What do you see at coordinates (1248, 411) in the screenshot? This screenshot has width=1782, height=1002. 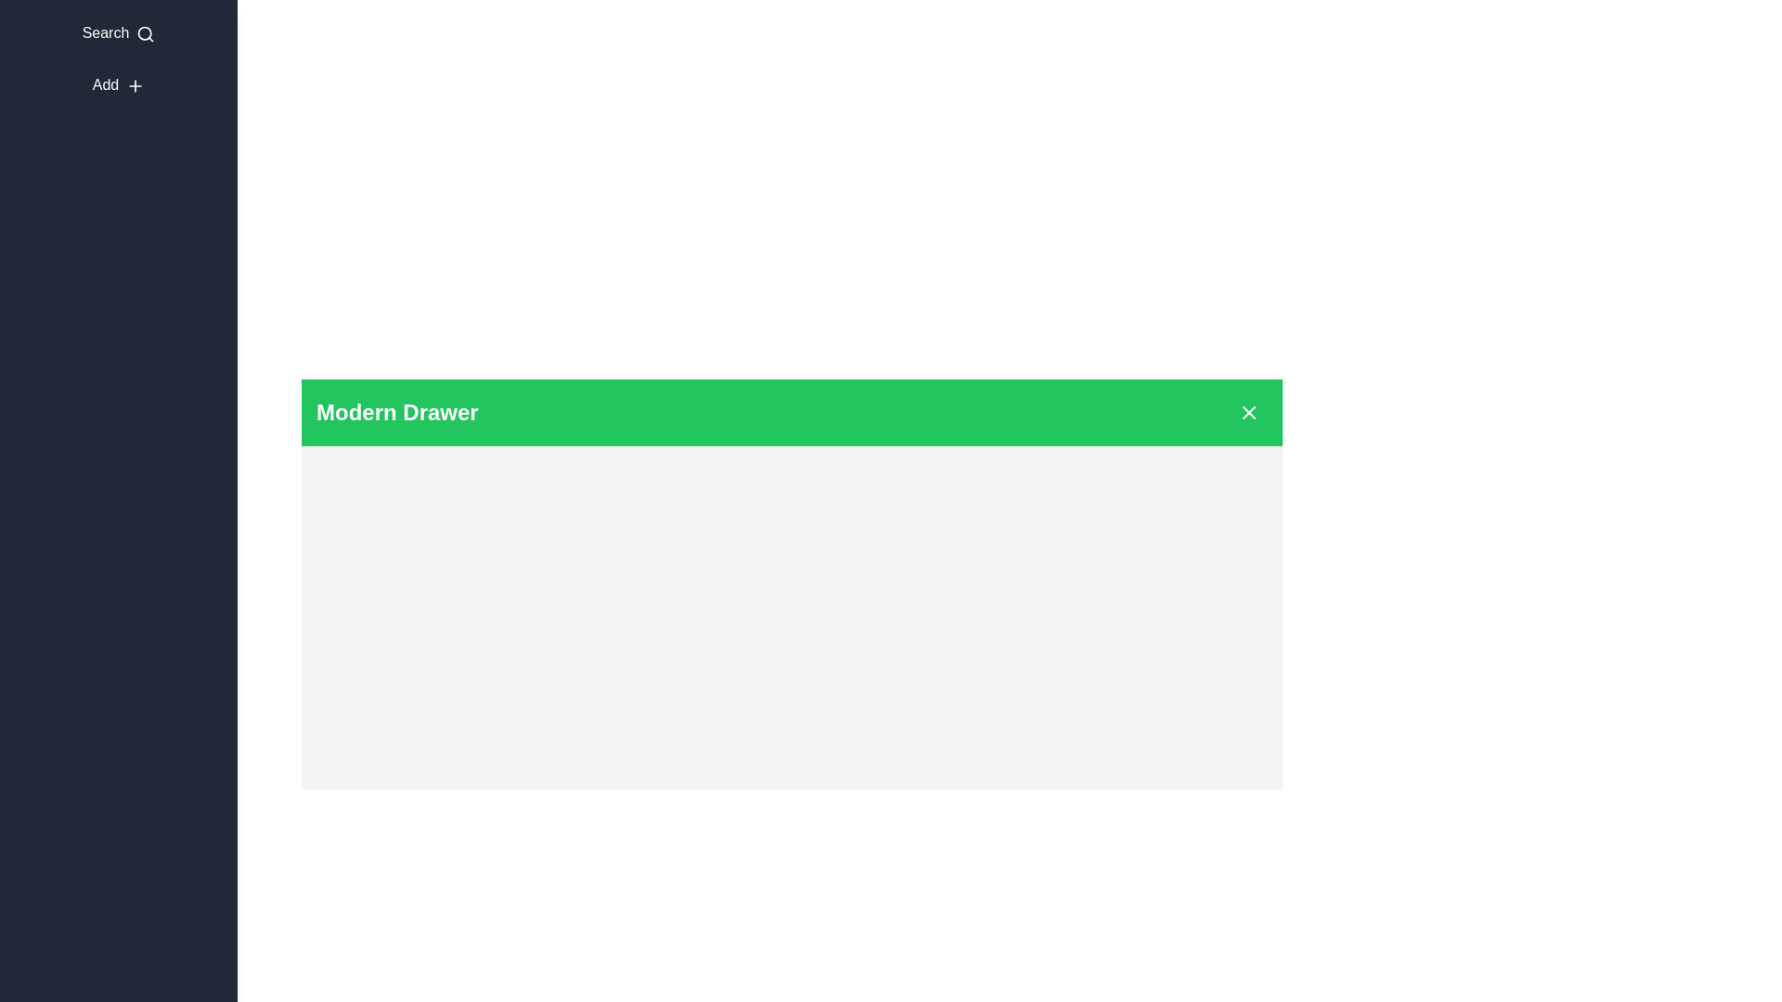 I see `the 'X' shaped icon button with a green background located at the far right of the horizontal green bar, adjacent to the 'Modern Drawer' header` at bounding box center [1248, 411].